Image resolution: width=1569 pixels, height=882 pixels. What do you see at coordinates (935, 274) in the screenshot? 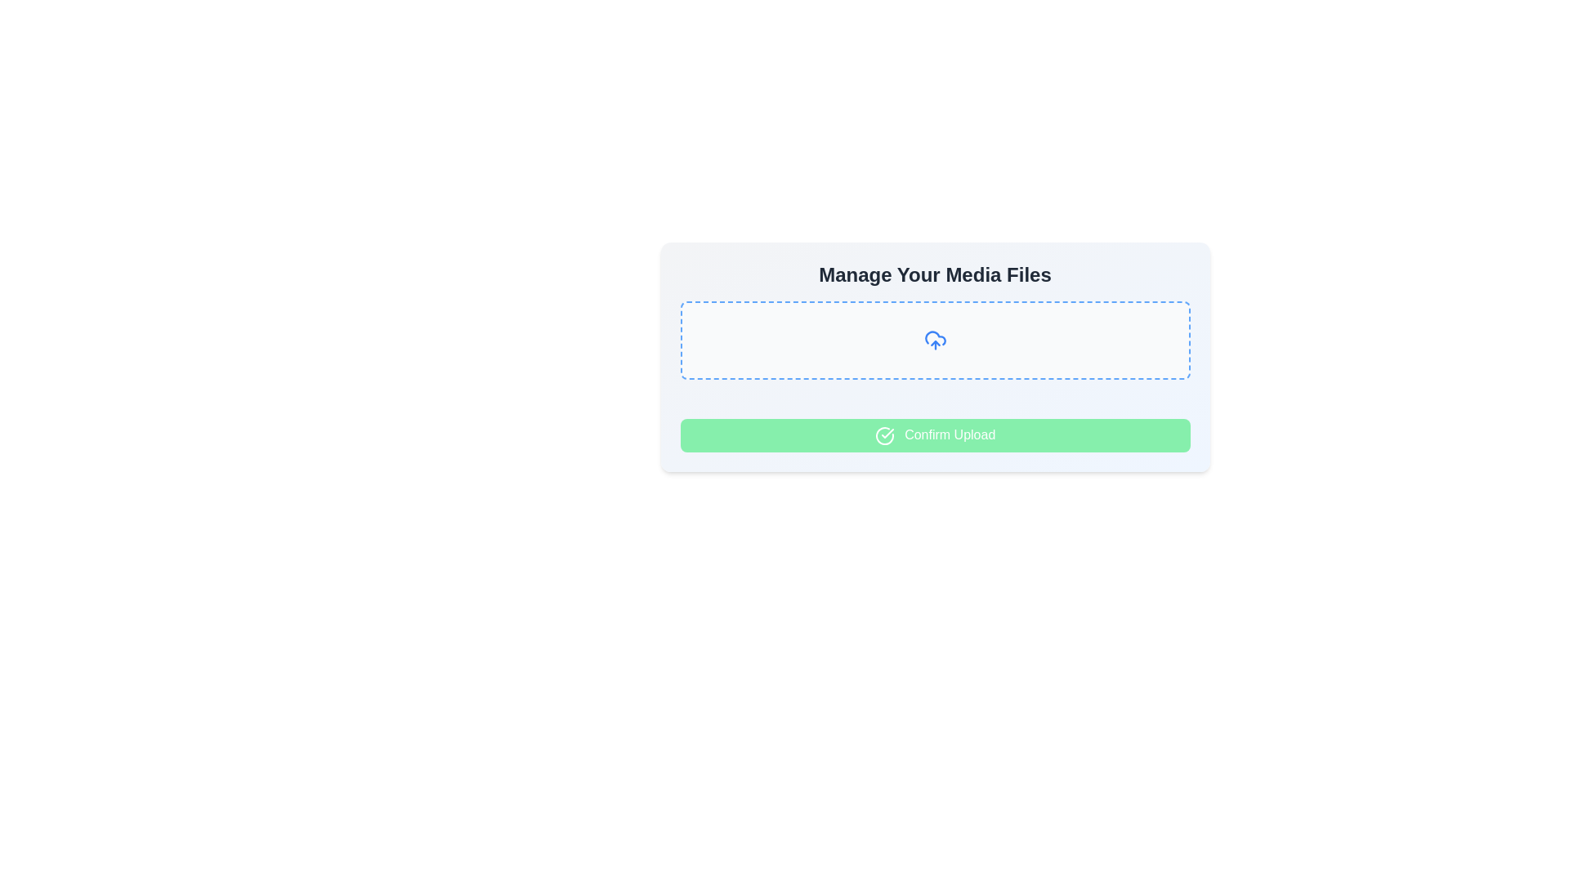
I see `the text heading displaying 'Manage Your Media Files', which is a prominent title in bold, large serif font, positioned at the top of its card-like component` at bounding box center [935, 274].